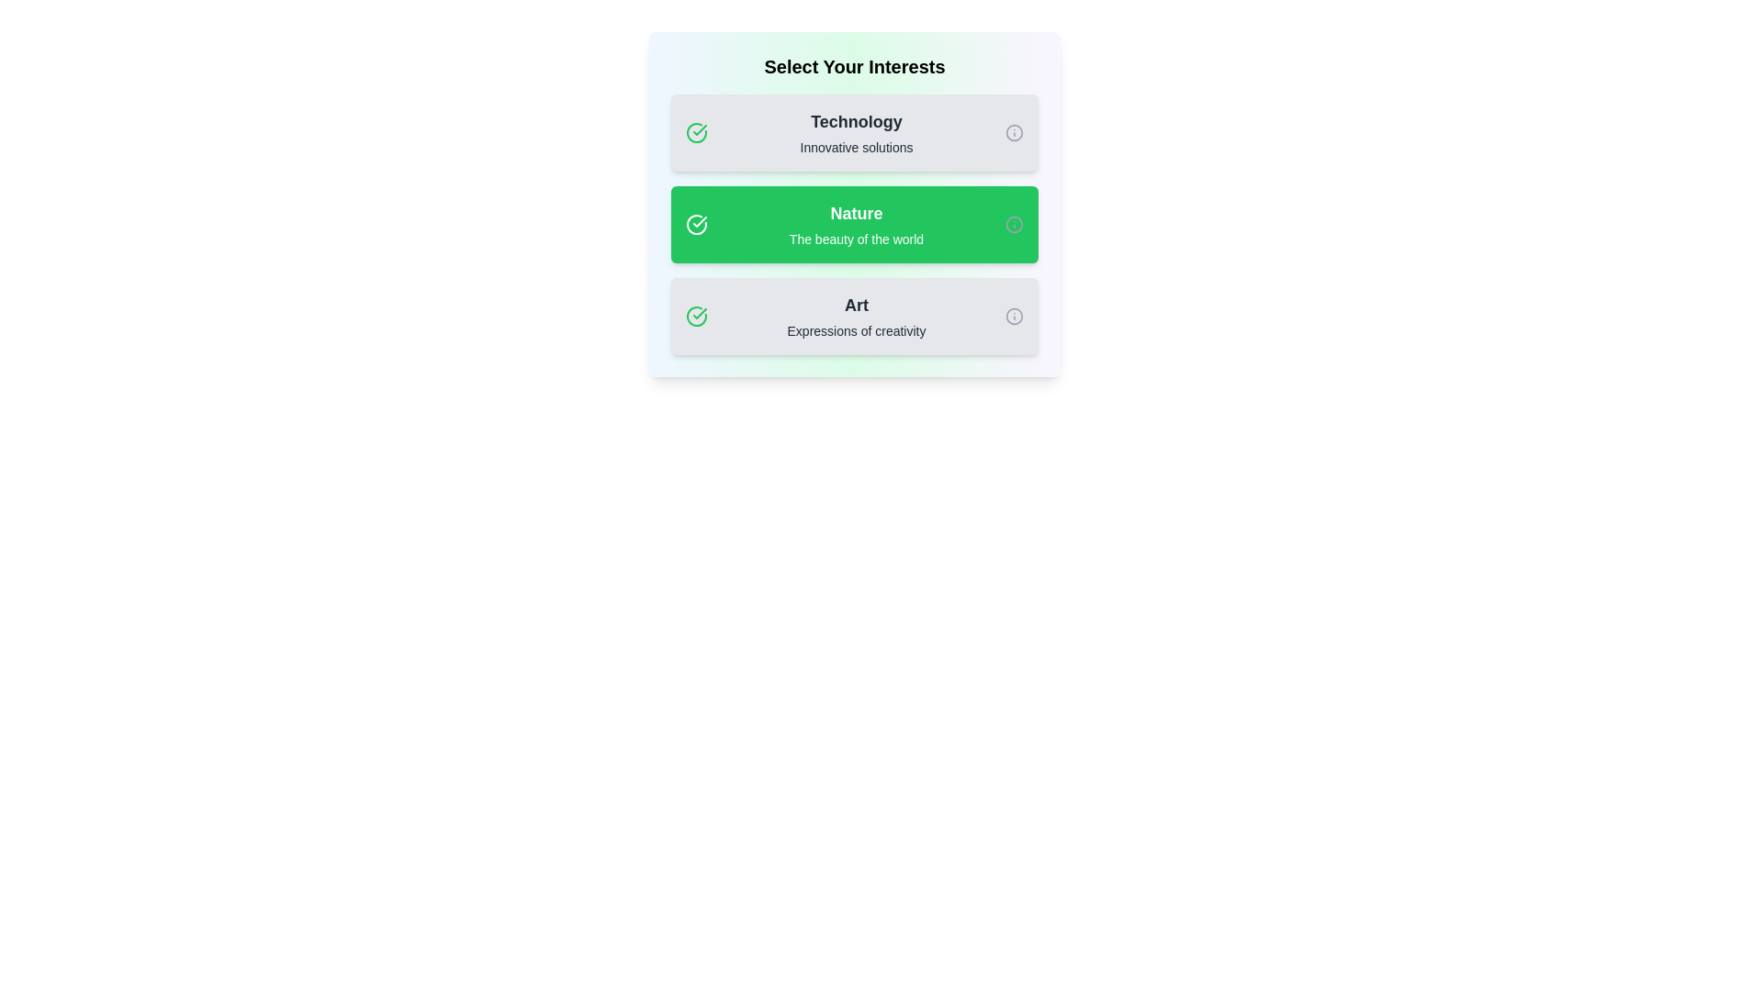 Image resolution: width=1763 pixels, height=991 pixels. I want to click on the info icon next to the tag labeled 'Technology' to read its description, so click(1013, 132).